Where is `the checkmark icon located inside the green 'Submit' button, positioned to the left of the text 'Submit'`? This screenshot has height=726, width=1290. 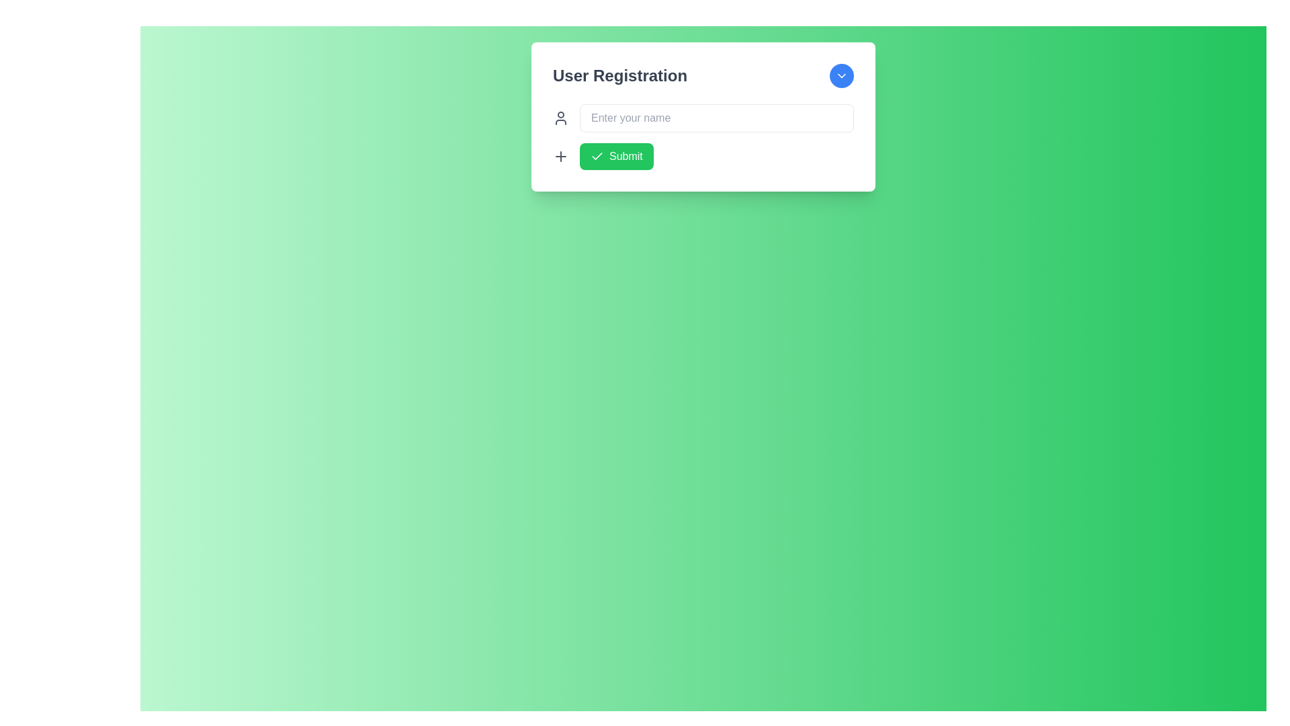 the checkmark icon located inside the green 'Submit' button, positioned to the left of the text 'Submit' is located at coordinates (596, 155).